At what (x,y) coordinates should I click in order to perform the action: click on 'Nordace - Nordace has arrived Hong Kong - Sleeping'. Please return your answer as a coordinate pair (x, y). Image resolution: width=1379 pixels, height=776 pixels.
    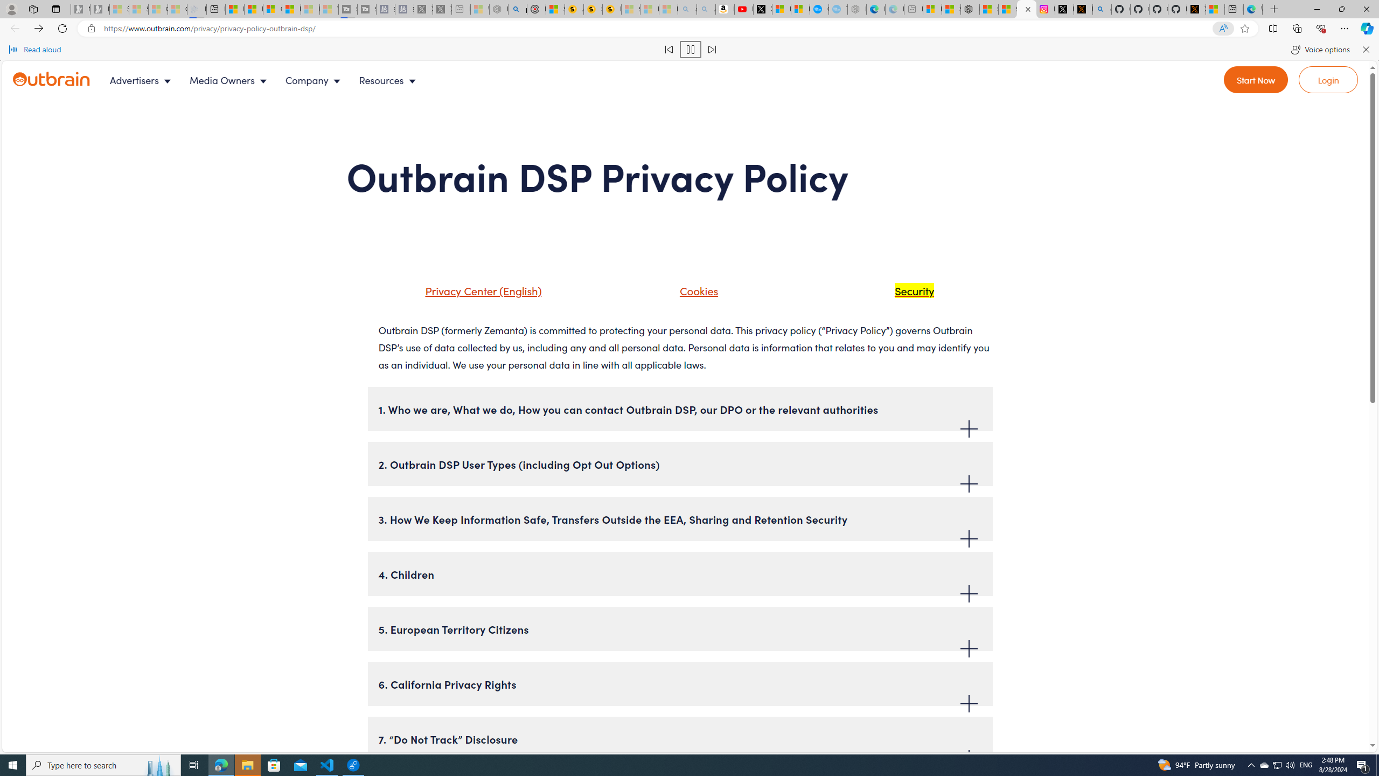
    Looking at the image, I should click on (856, 9).